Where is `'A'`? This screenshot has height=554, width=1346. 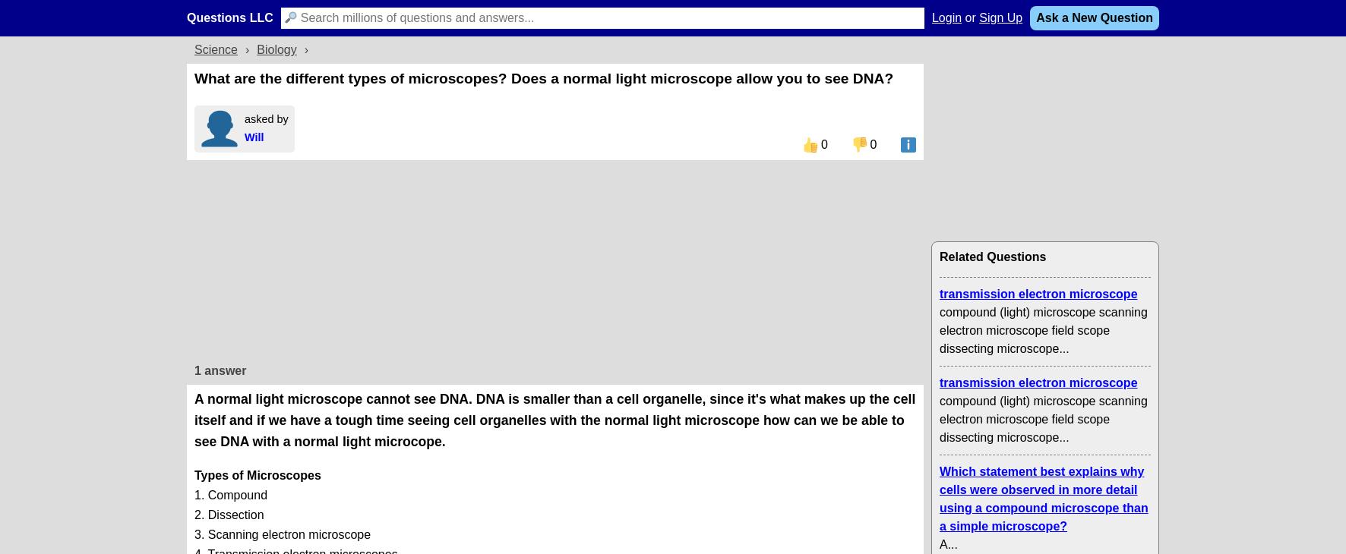
'A' is located at coordinates (943, 544).